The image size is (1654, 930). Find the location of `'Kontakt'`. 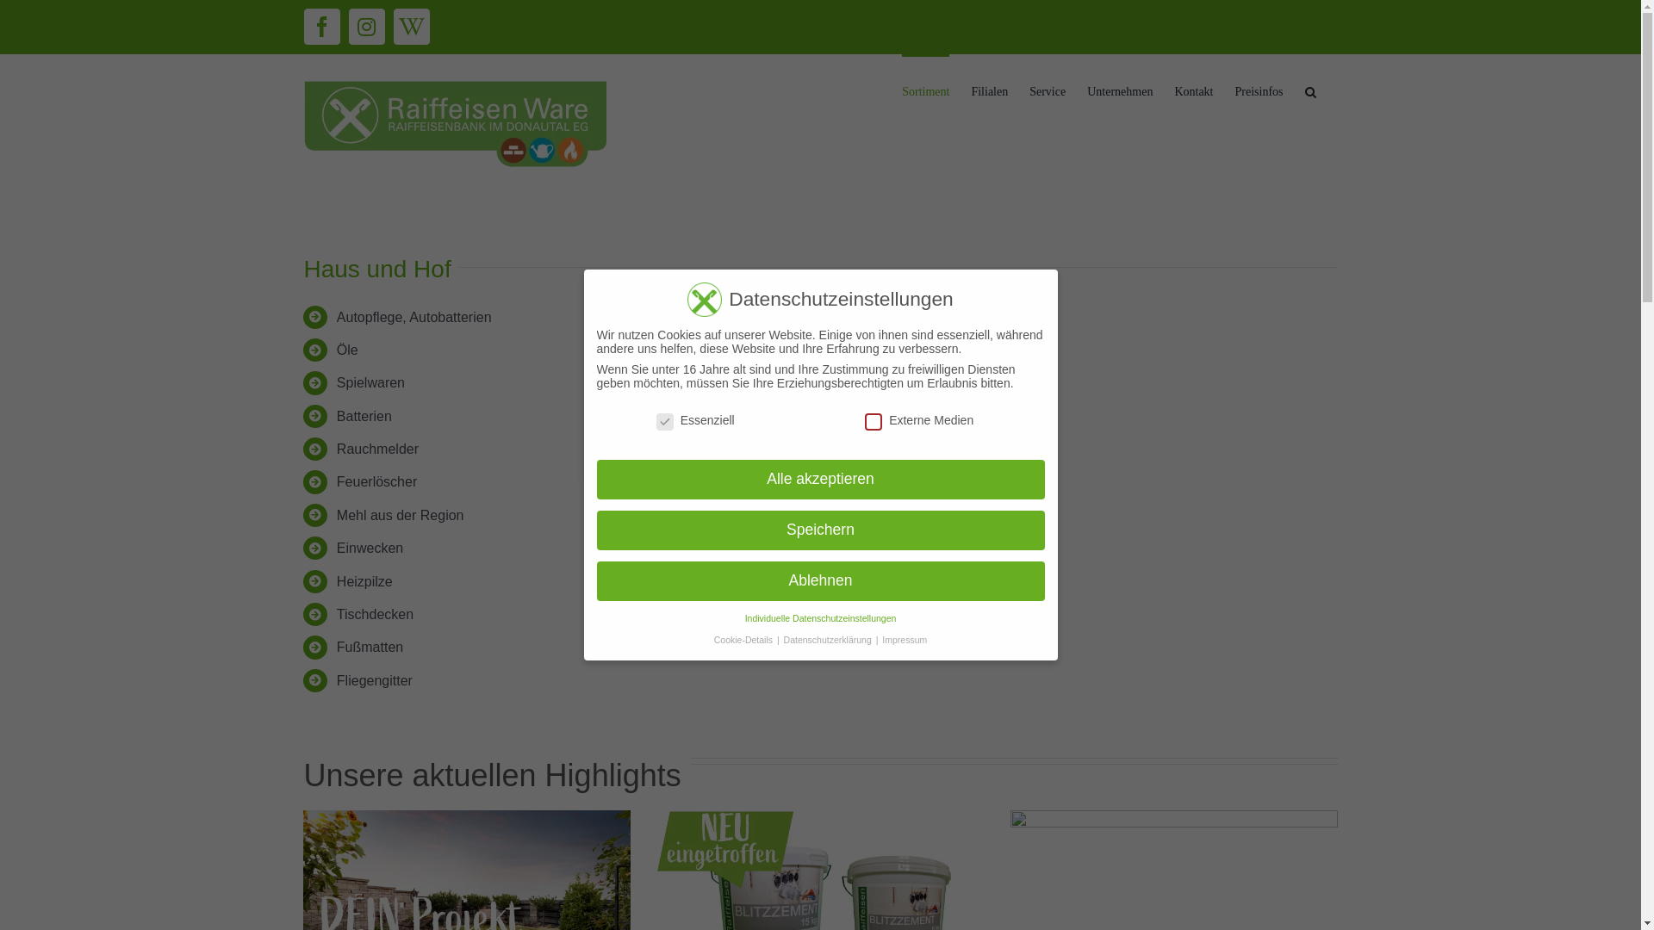

'Kontakt' is located at coordinates (1192, 90).